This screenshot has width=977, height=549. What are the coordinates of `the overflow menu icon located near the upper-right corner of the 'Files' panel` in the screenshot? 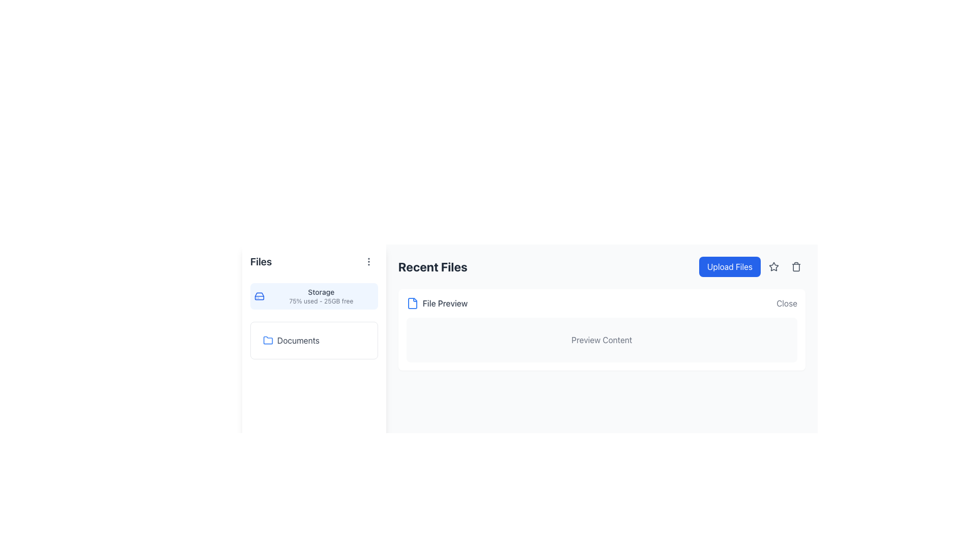 It's located at (368, 261).